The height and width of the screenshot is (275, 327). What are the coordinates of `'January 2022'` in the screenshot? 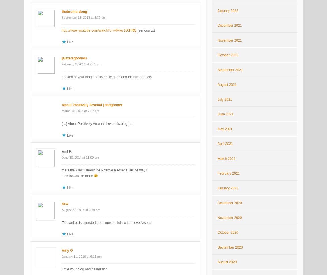 It's located at (227, 11).